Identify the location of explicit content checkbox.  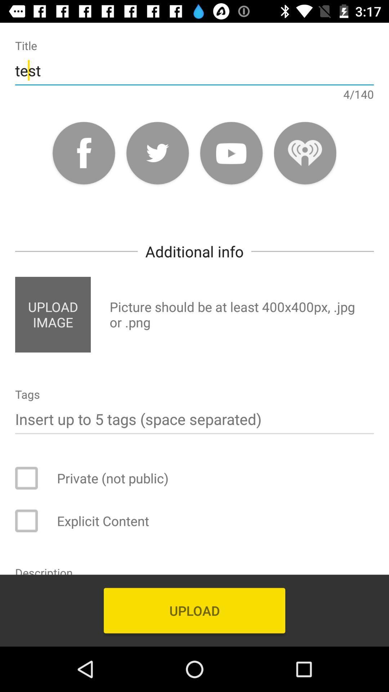
(31, 521).